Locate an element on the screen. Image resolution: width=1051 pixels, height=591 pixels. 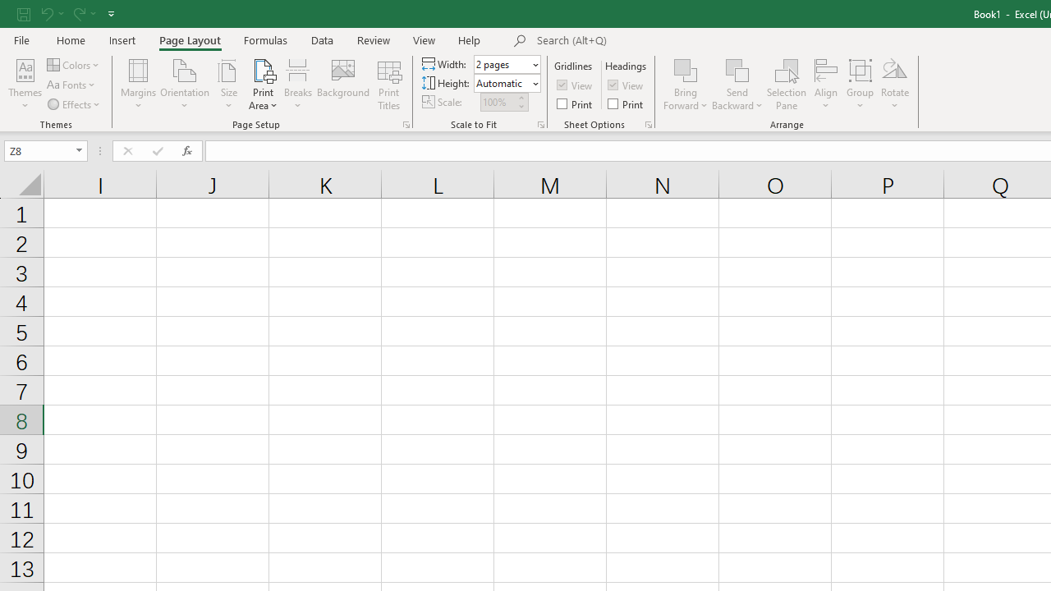
'File Tab' is located at coordinates (21, 39).